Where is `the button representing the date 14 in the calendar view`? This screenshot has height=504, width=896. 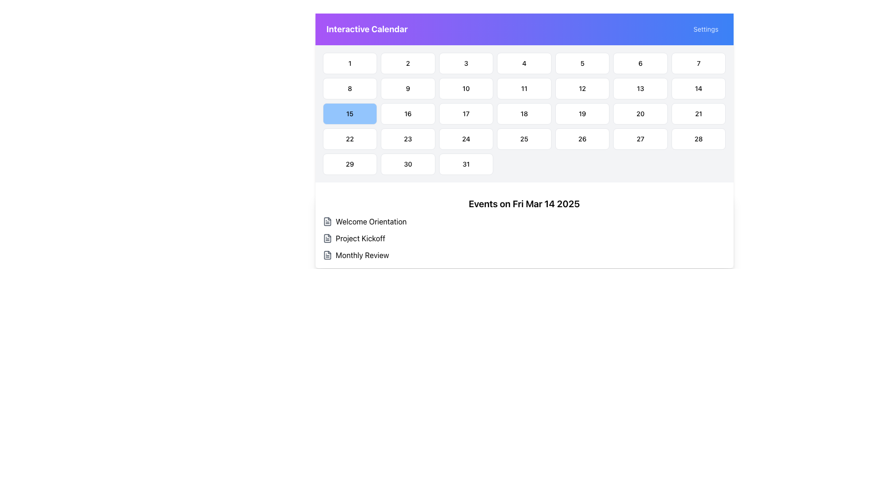
the button representing the date 14 in the calendar view is located at coordinates (699, 88).